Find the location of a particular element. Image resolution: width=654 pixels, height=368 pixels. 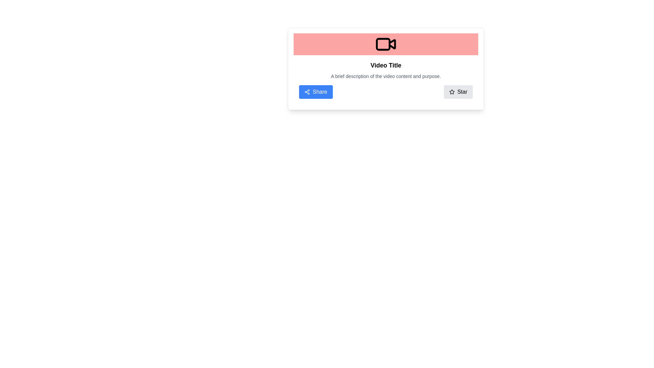

the label providing text-based clarification for the adjacent star icon, which is part of a rectangular button with a gray background located in the lower right corner of a card-like component is located at coordinates (462, 92).